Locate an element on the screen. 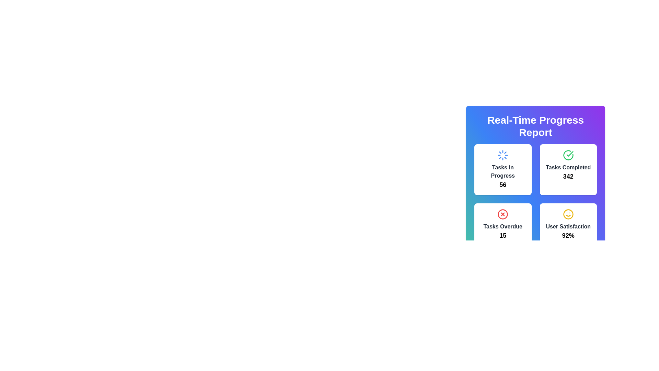 Image resolution: width=659 pixels, height=371 pixels. the smiley face icon representing user satisfaction located in the bottom-right section of the 'Real-Time Progress Report' card, beneath the title 'User Satisfaction' and adjacent to the numeric label '92%.' is located at coordinates (568, 214).